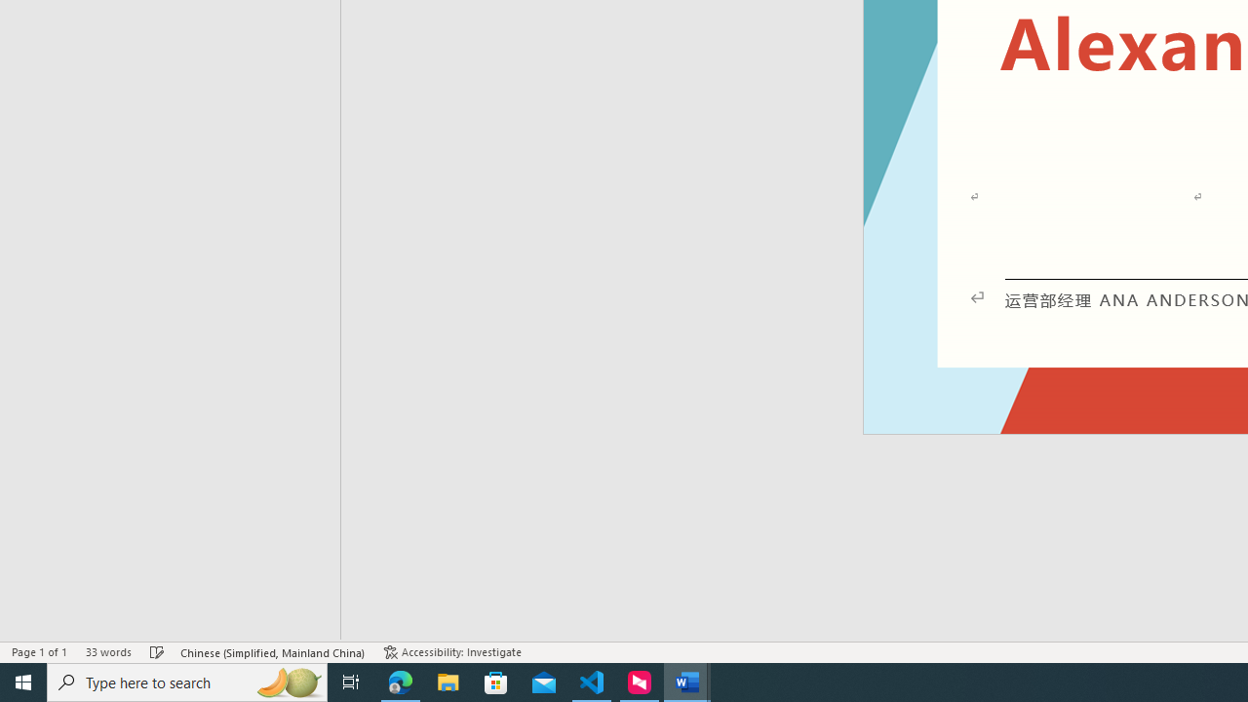 The image size is (1248, 702). Describe the element at coordinates (272, 652) in the screenshot. I see `'Language Chinese (Simplified, Mainland China)'` at that location.